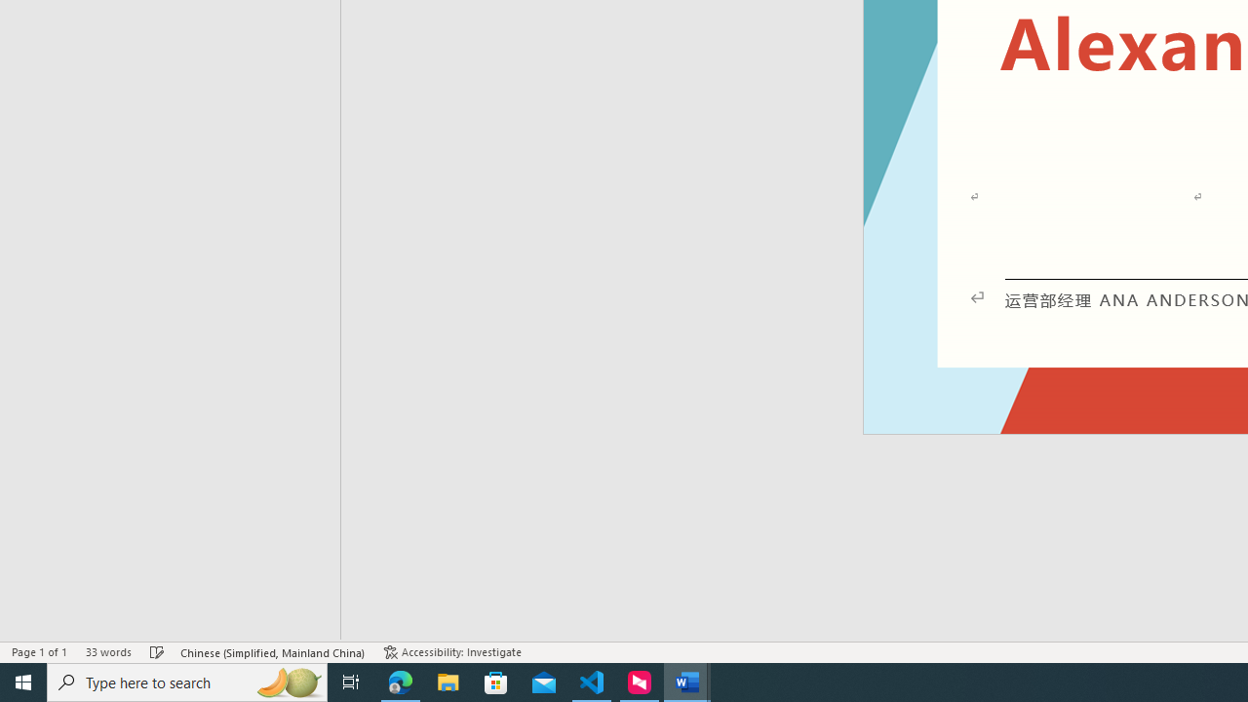 The image size is (1248, 702). Describe the element at coordinates (272, 652) in the screenshot. I see `'Language Chinese (Simplified, Mainland China)'` at that location.